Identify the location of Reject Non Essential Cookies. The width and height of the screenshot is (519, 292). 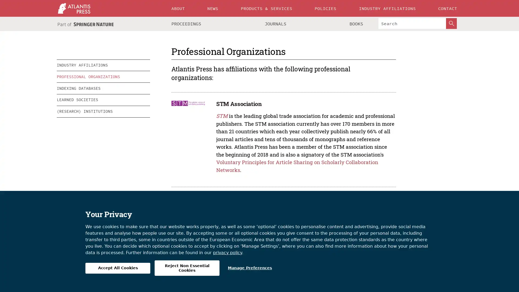
(187, 268).